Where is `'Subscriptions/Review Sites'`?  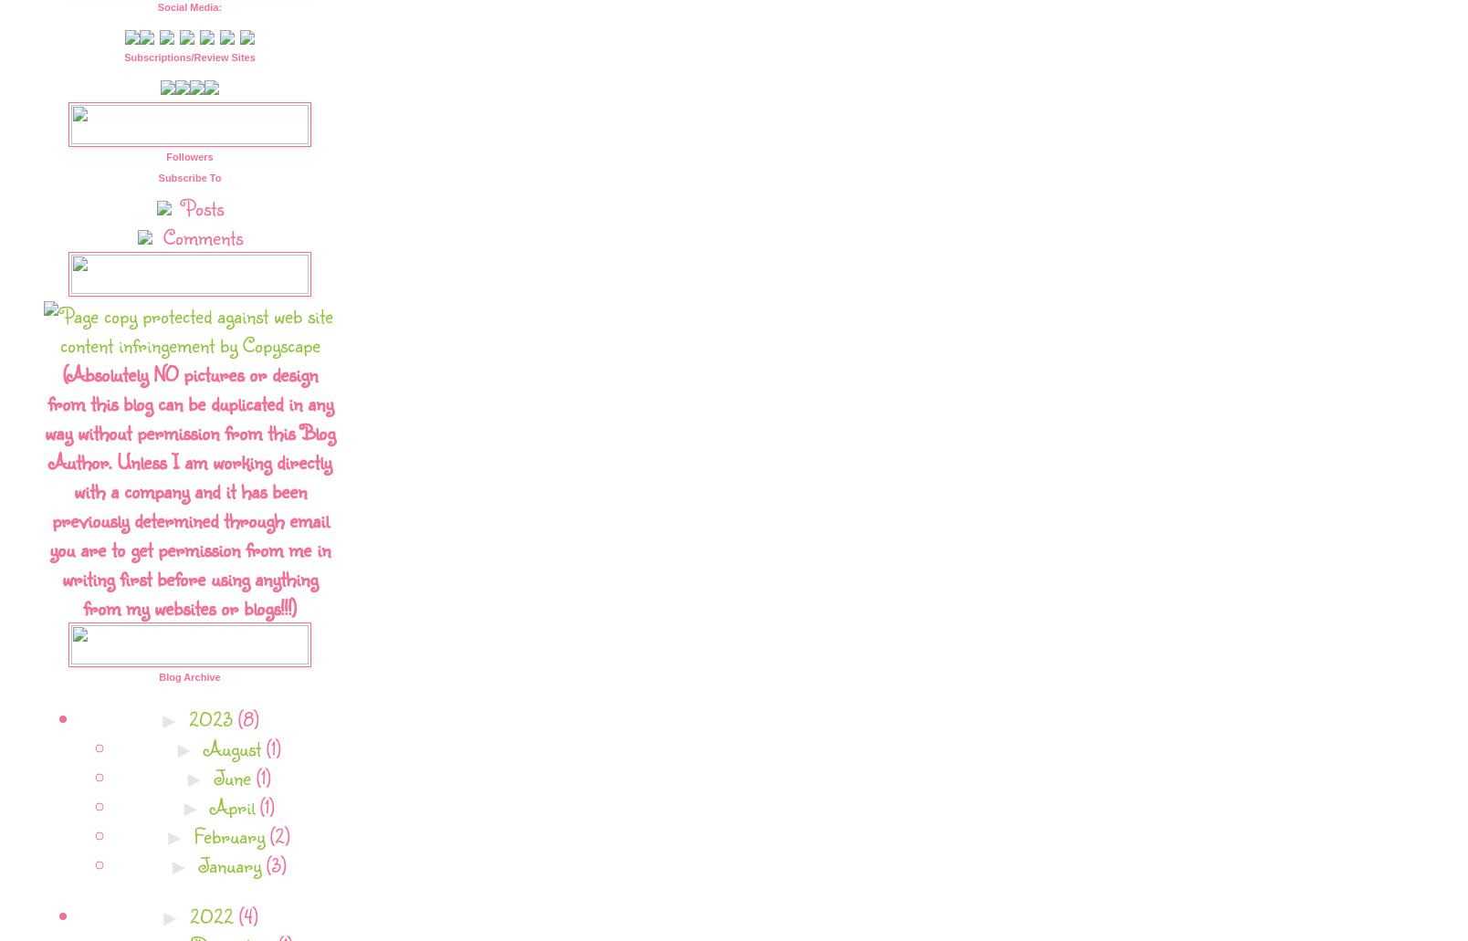 'Subscriptions/Review Sites' is located at coordinates (123, 56).